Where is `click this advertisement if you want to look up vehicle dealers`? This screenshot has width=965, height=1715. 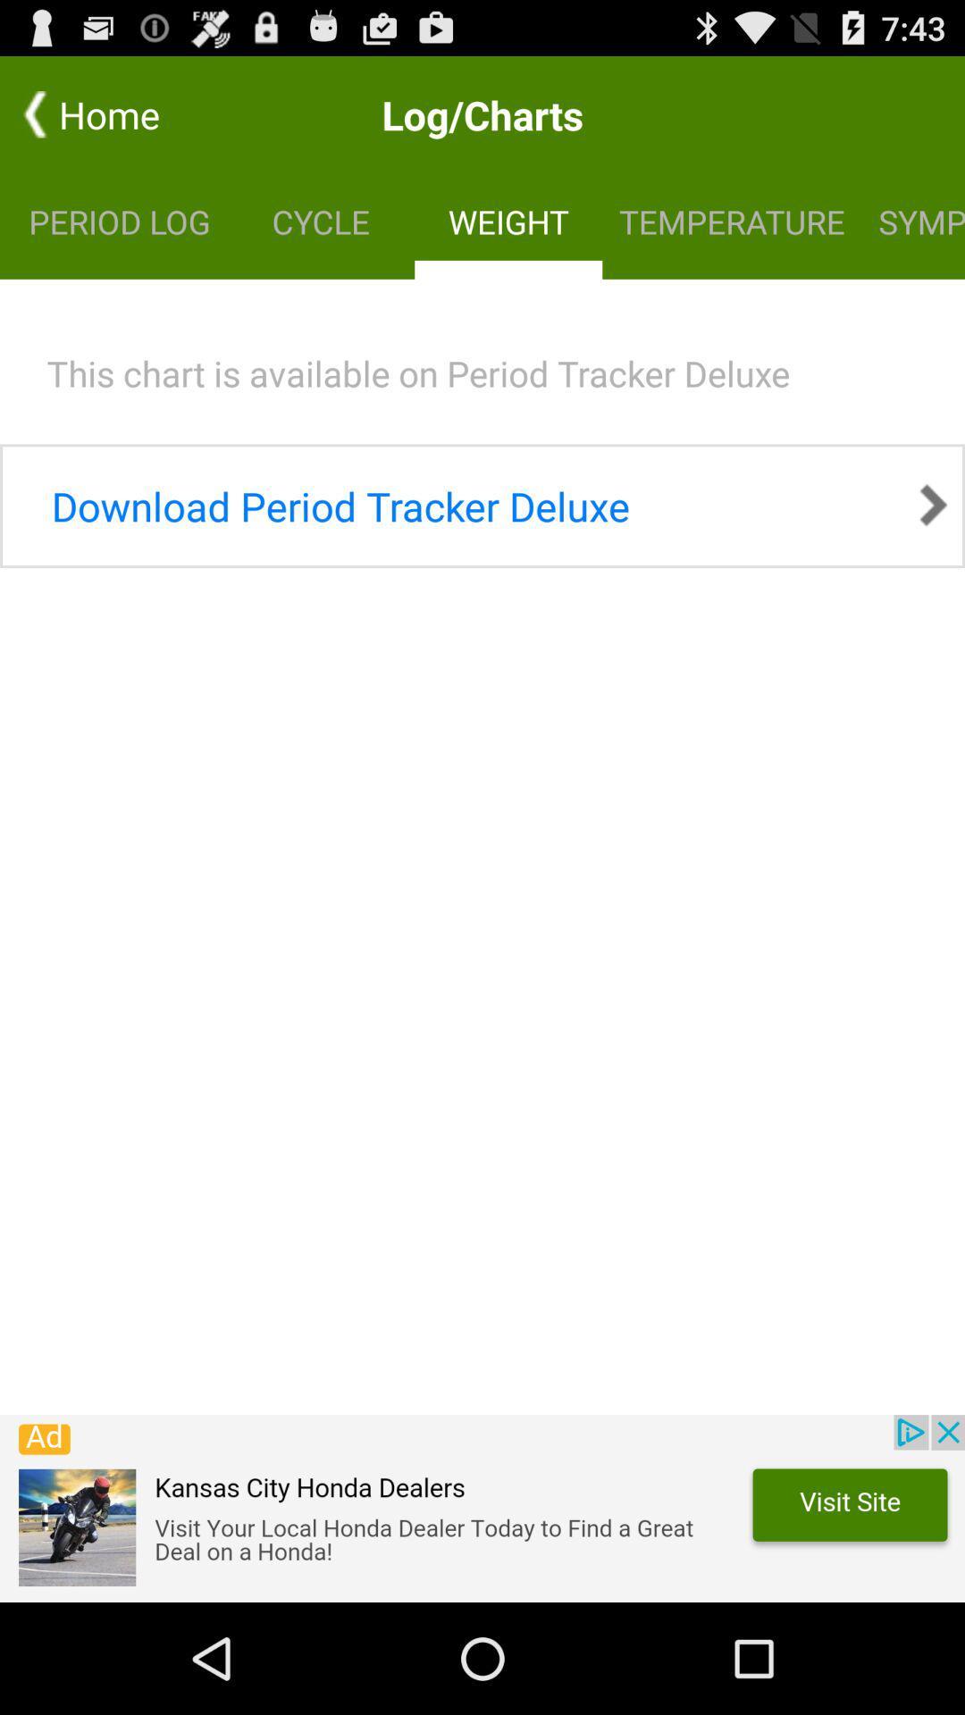 click this advertisement if you want to look up vehicle dealers is located at coordinates (482, 1508).